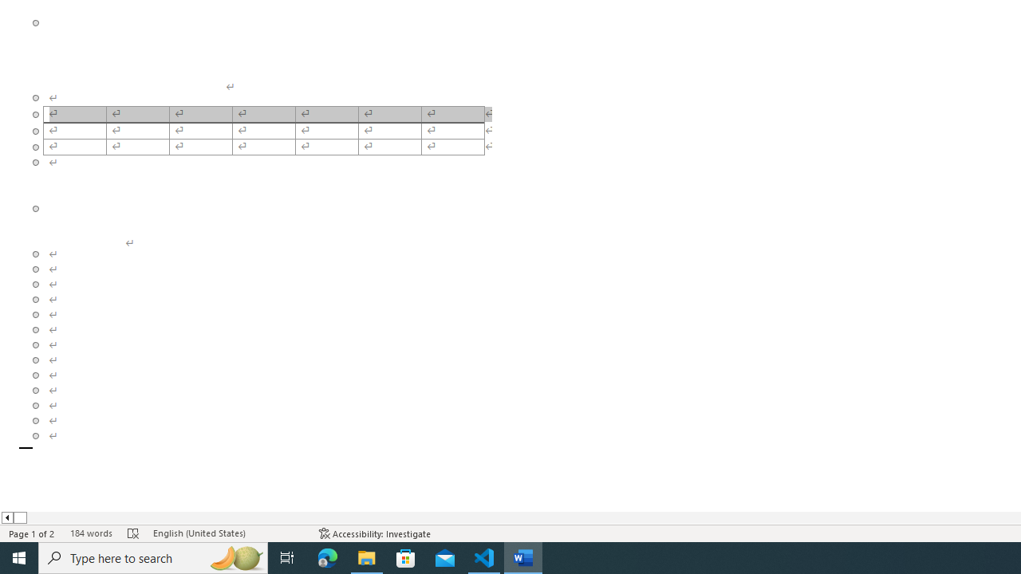 This screenshot has height=574, width=1021. Describe the element at coordinates (89, 533) in the screenshot. I see `'Word Count 184 words'` at that location.